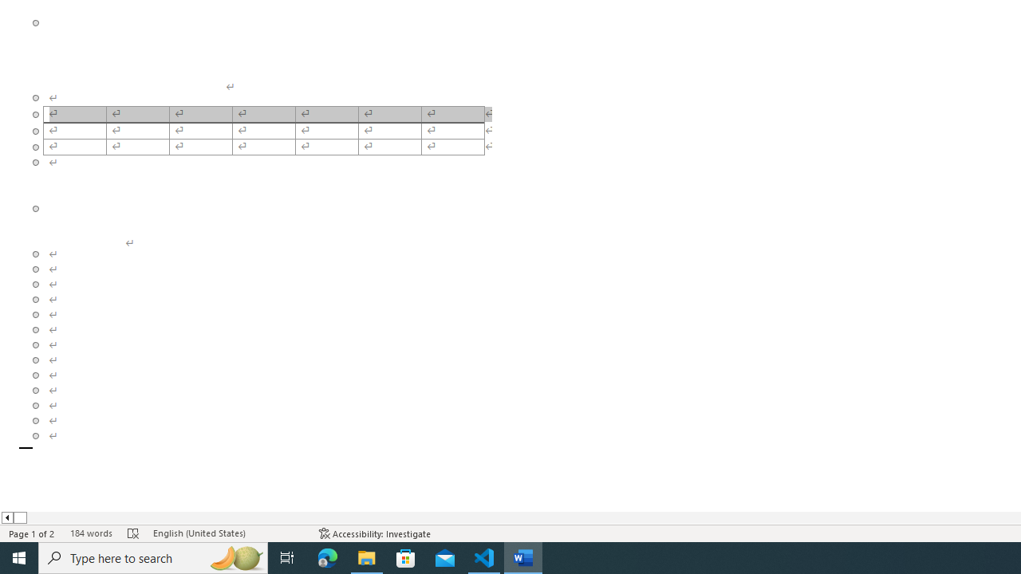 This screenshot has height=574, width=1021. Describe the element at coordinates (89, 533) in the screenshot. I see `'Word Count 184 words'` at that location.